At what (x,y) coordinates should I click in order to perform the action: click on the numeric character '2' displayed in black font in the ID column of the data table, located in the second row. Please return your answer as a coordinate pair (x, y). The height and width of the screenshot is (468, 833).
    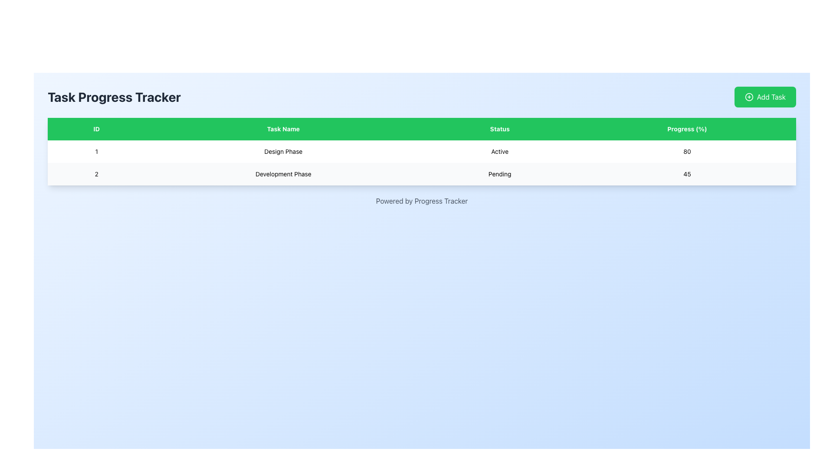
    Looking at the image, I should click on (96, 174).